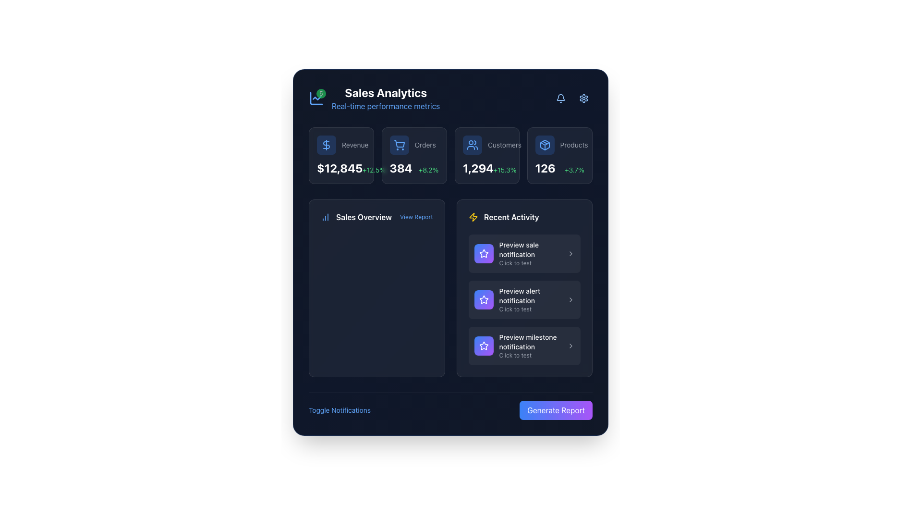 Image resolution: width=922 pixels, height=519 pixels. I want to click on the 'Orders' text label, which is styled in gray and located to the right of the shopping cart icon in the top central area of the interface, so click(414, 145).